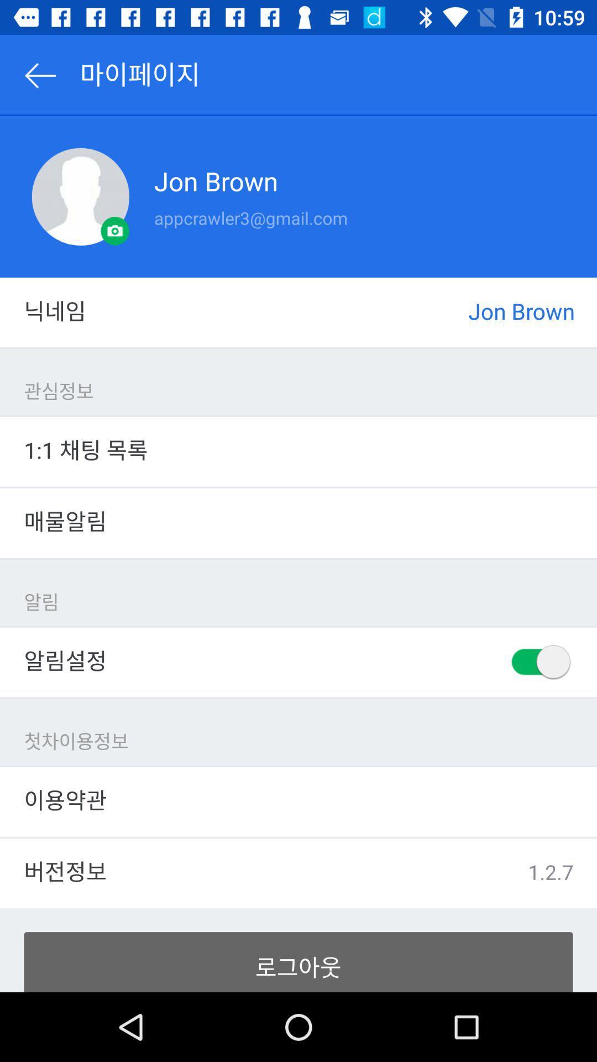 This screenshot has width=597, height=1062. What do you see at coordinates (80, 196) in the screenshot?
I see `the item to the left of jon brown item` at bounding box center [80, 196].